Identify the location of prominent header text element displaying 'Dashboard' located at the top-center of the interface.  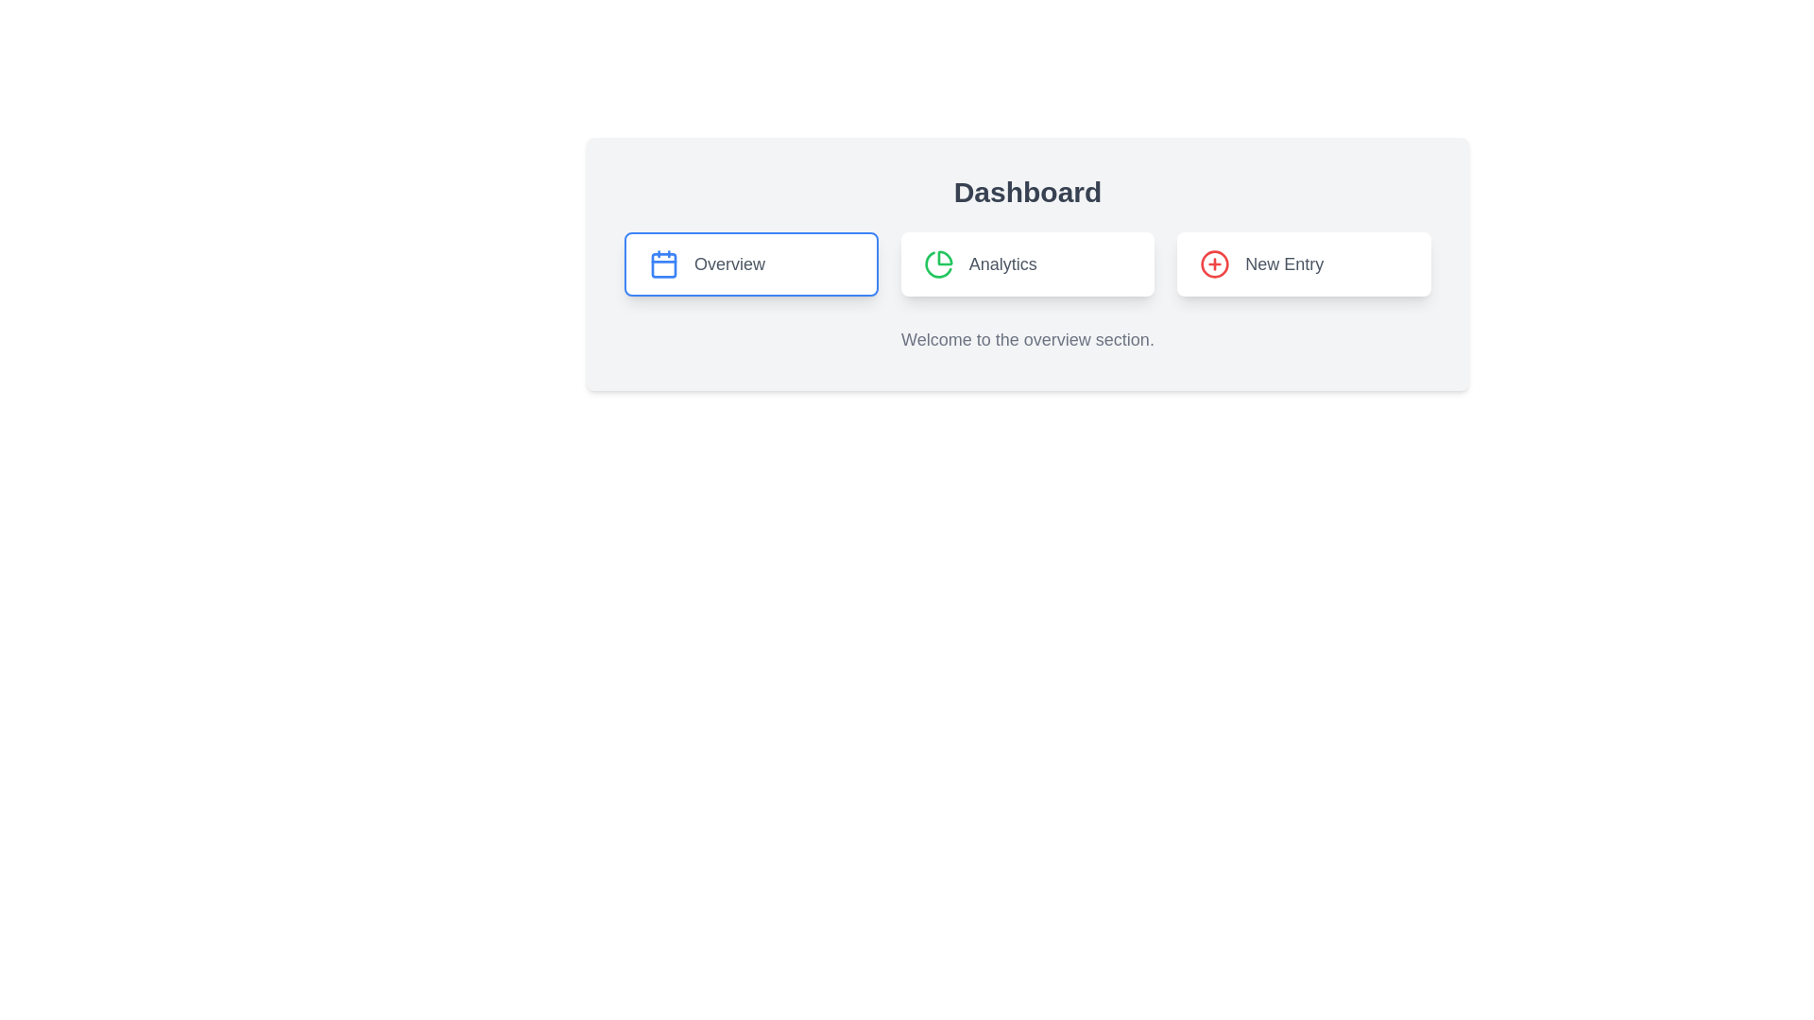
(1027, 193).